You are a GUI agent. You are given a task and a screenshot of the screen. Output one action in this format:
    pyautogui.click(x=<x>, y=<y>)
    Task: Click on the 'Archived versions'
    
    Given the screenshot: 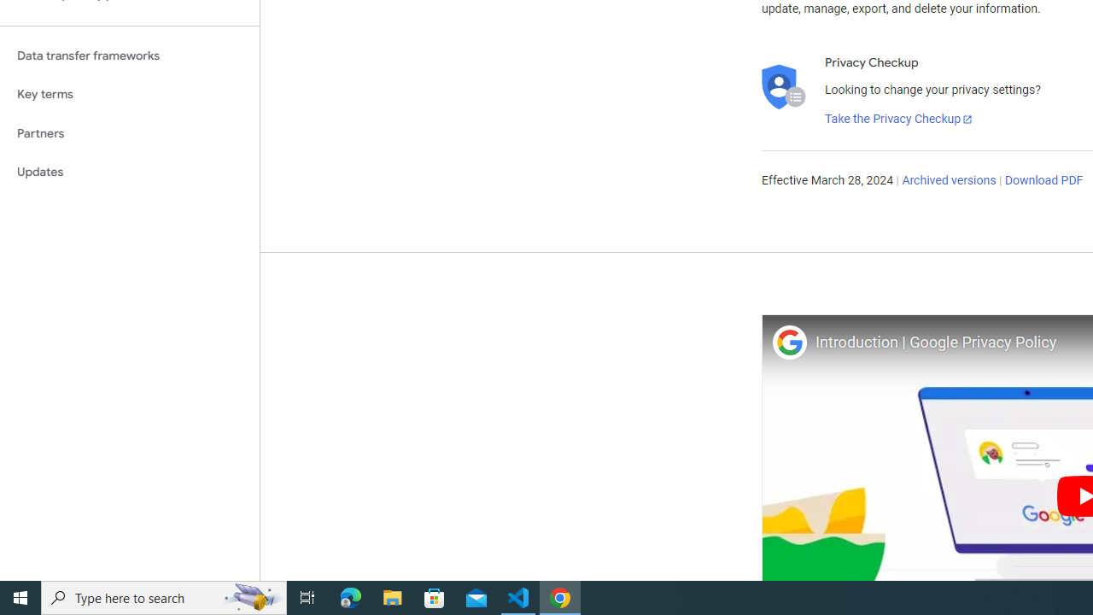 What is the action you would take?
    pyautogui.click(x=948, y=181)
    